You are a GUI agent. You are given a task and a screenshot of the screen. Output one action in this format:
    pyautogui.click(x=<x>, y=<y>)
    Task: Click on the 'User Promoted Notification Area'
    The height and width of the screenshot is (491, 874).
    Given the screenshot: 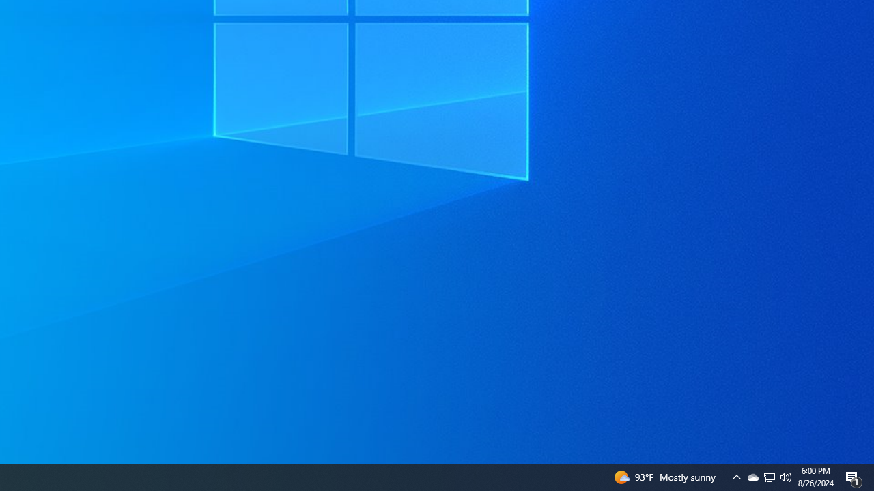 What is the action you would take?
    pyautogui.click(x=786, y=476)
    